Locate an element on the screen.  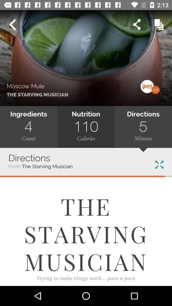
the share icon is located at coordinates (136, 25).